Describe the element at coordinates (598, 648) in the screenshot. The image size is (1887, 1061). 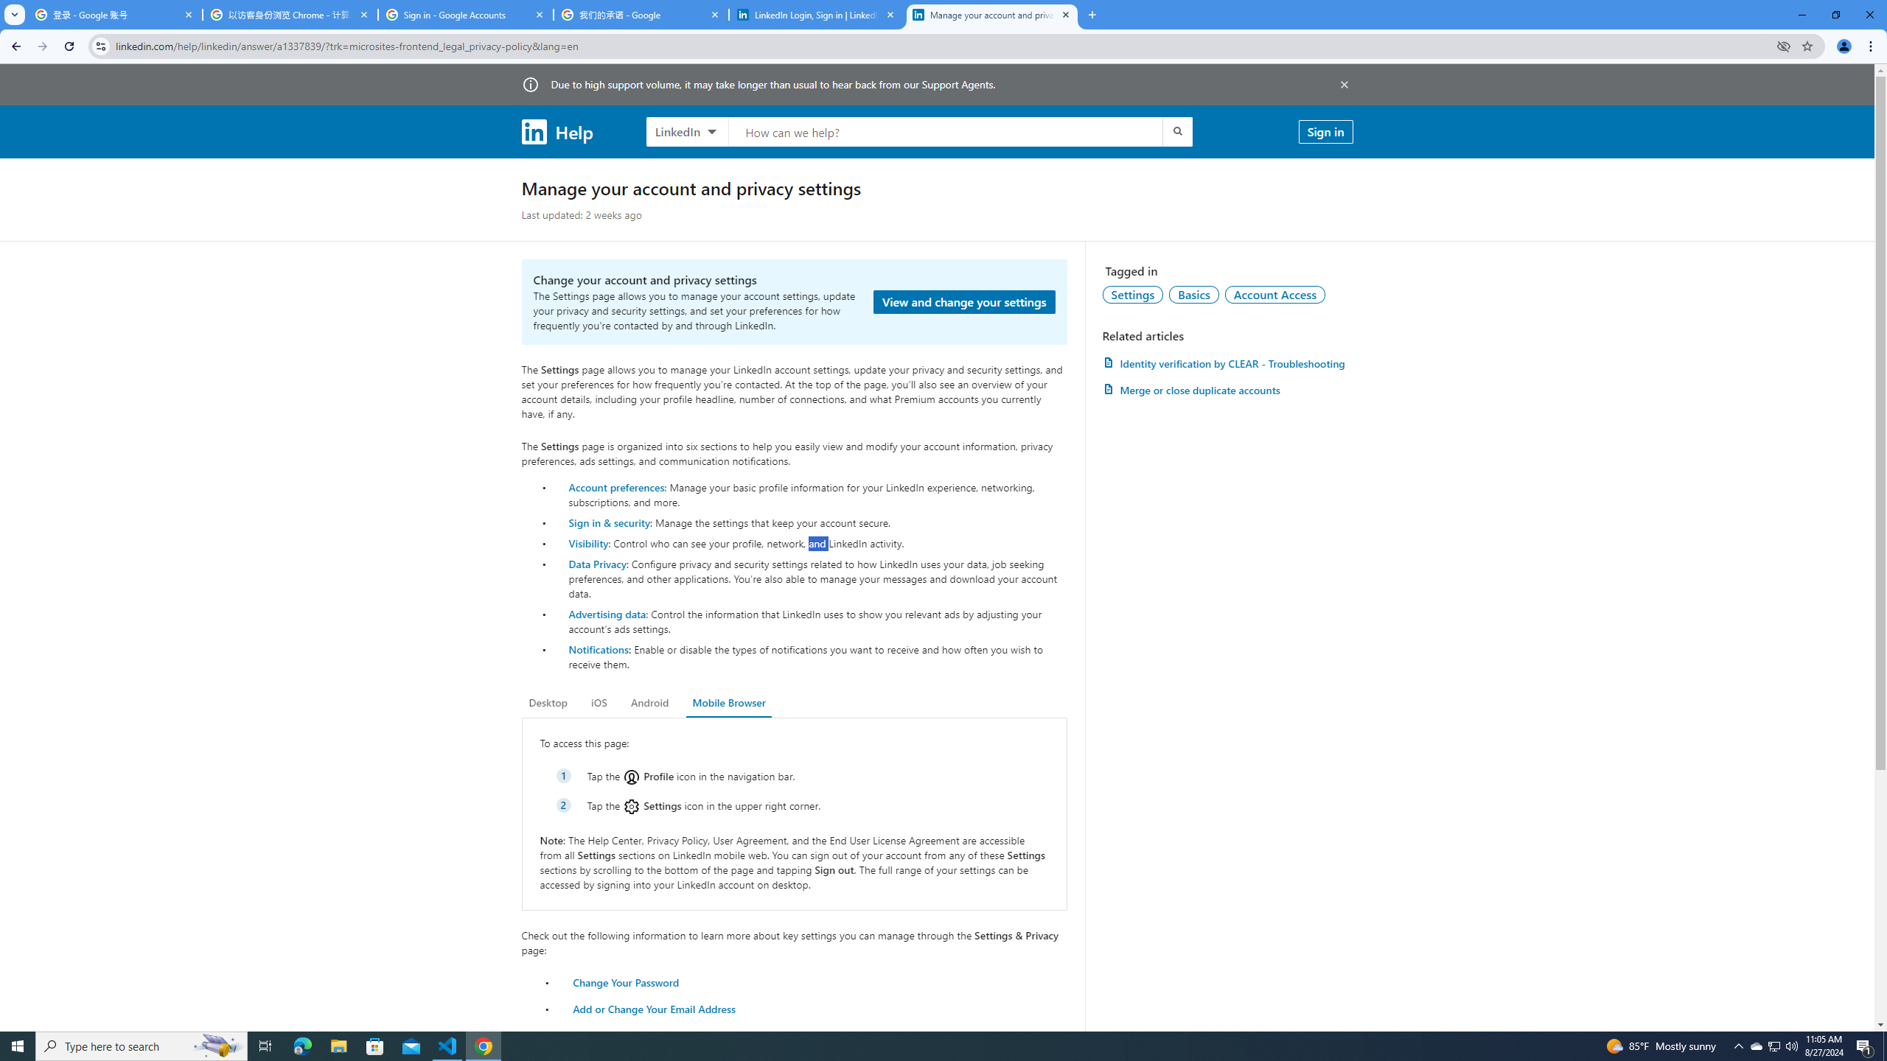
I see `'Notifications'` at that location.